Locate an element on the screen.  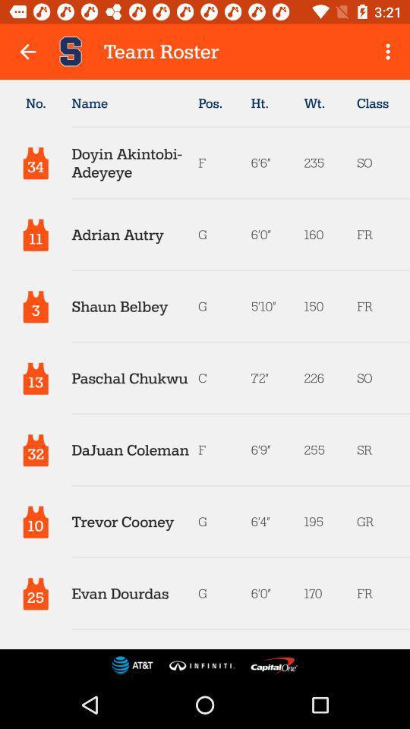
item above the no. icon is located at coordinates (27, 52).